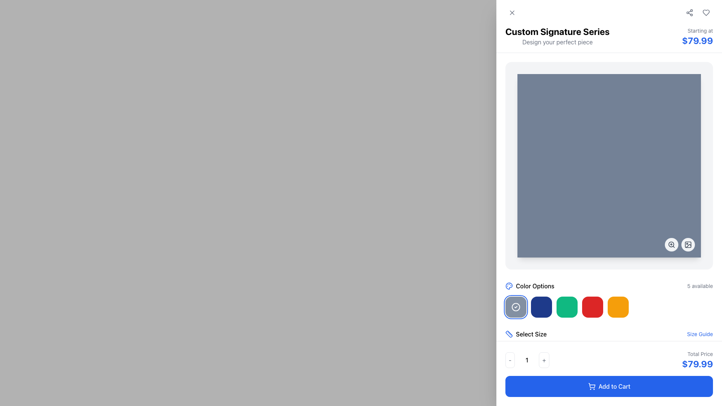 The image size is (722, 406). What do you see at coordinates (705, 13) in the screenshot?
I see `the heart-shaped icon in the top-right corner of the user interface` at bounding box center [705, 13].